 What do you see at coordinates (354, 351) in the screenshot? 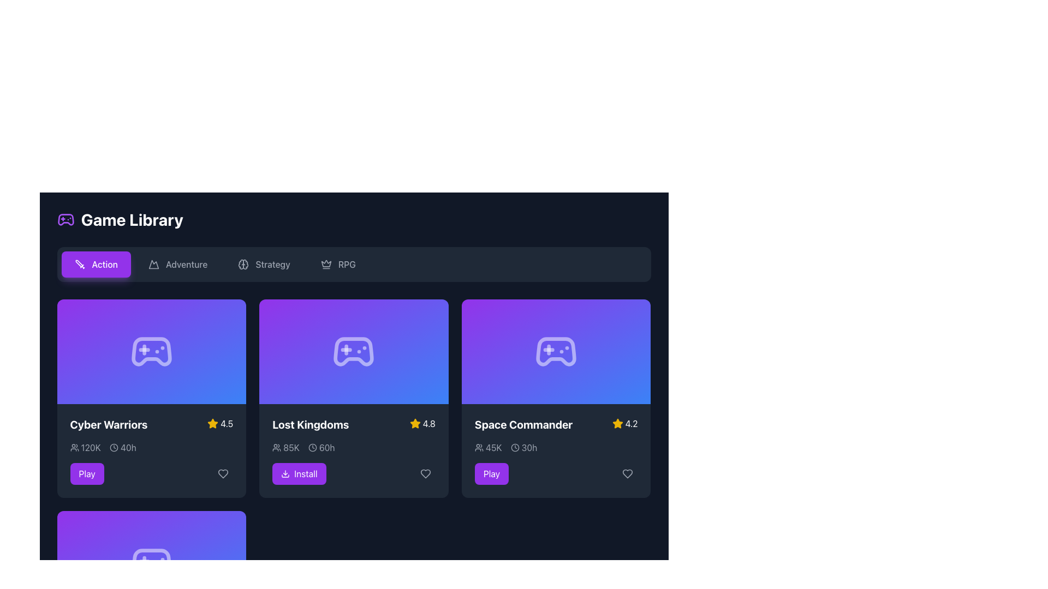
I see `the graphical icon representing the game 'Lost Kingdoms', which is the second card from the left in the 'Game Library' section` at bounding box center [354, 351].